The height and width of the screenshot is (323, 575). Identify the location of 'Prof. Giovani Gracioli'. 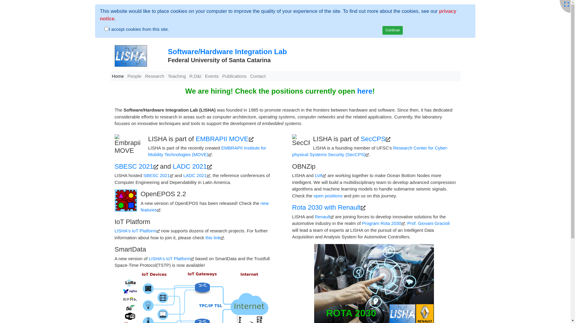
(428, 223).